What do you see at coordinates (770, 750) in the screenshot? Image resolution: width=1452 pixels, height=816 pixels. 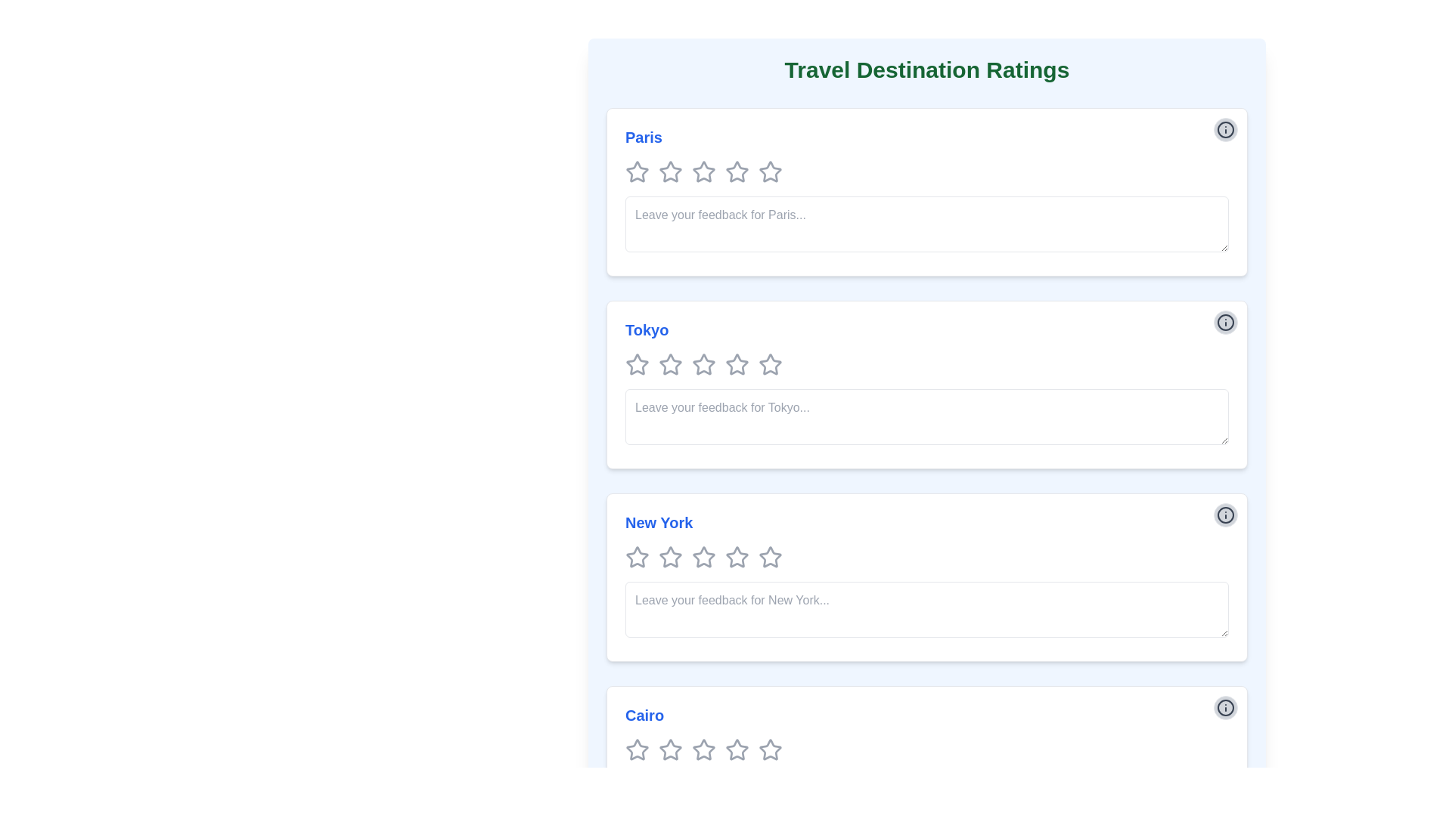 I see `the fifth star icon in the rating row for 'Cairo'` at bounding box center [770, 750].